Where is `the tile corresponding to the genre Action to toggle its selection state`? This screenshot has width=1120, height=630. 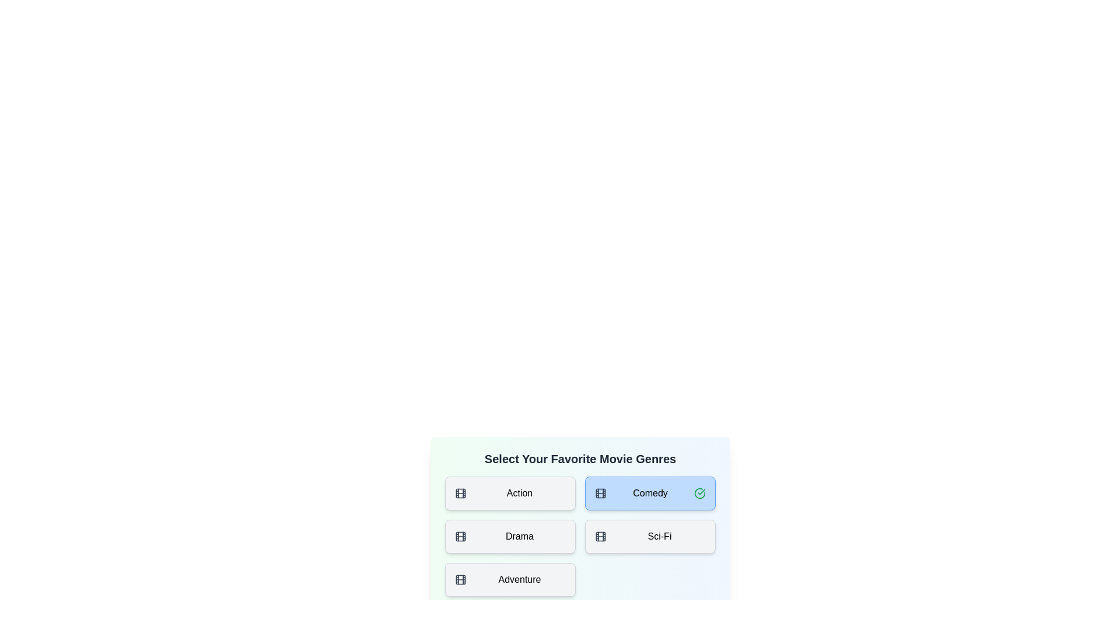
the tile corresponding to the genre Action to toggle its selection state is located at coordinates (510, 493).